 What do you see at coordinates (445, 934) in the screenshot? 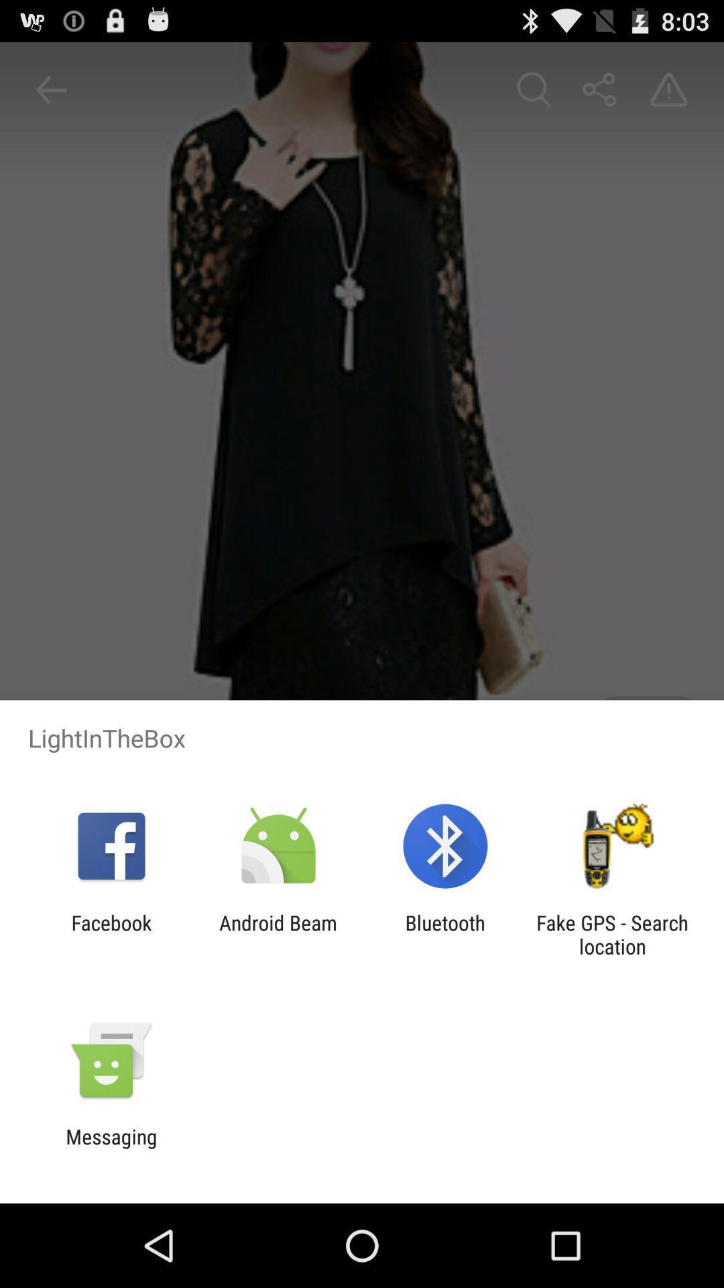
I see `icon next to android beam item` at bounding box center [445, 934].